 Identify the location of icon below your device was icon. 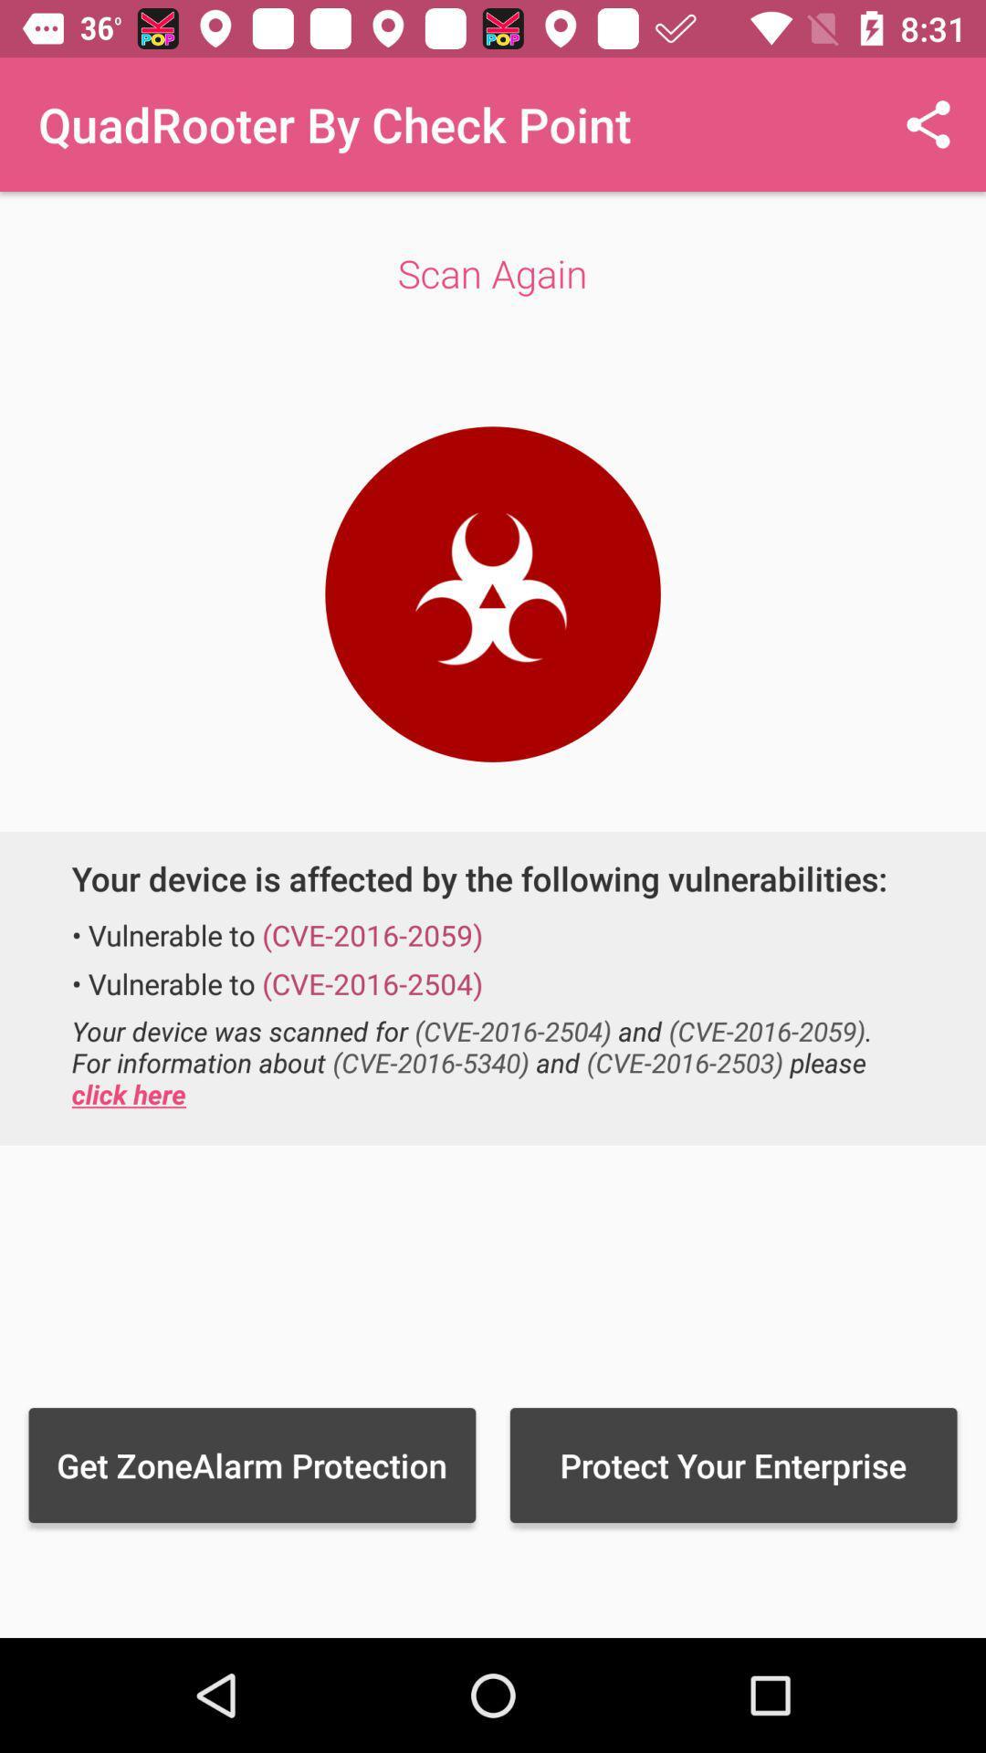
(732, 1464).